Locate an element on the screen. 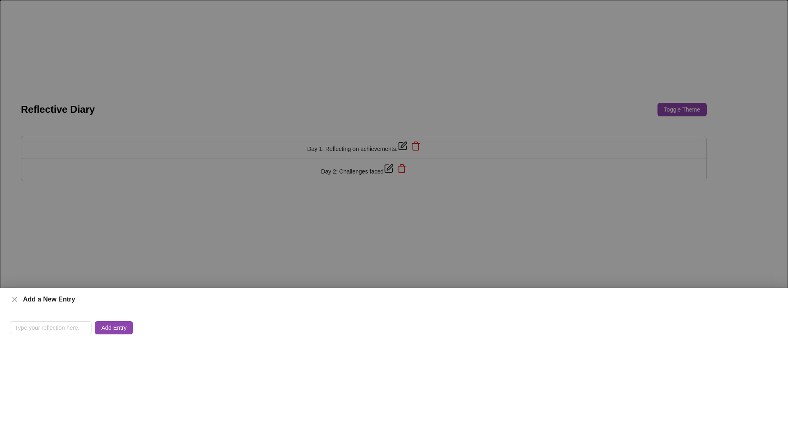 This screenshot has height=443, width=788. the edit icon located to the left of the trash can icon, which allows users to modify the content related to 'Day 2: Challenges faced' is located at coordinates (389, 167).